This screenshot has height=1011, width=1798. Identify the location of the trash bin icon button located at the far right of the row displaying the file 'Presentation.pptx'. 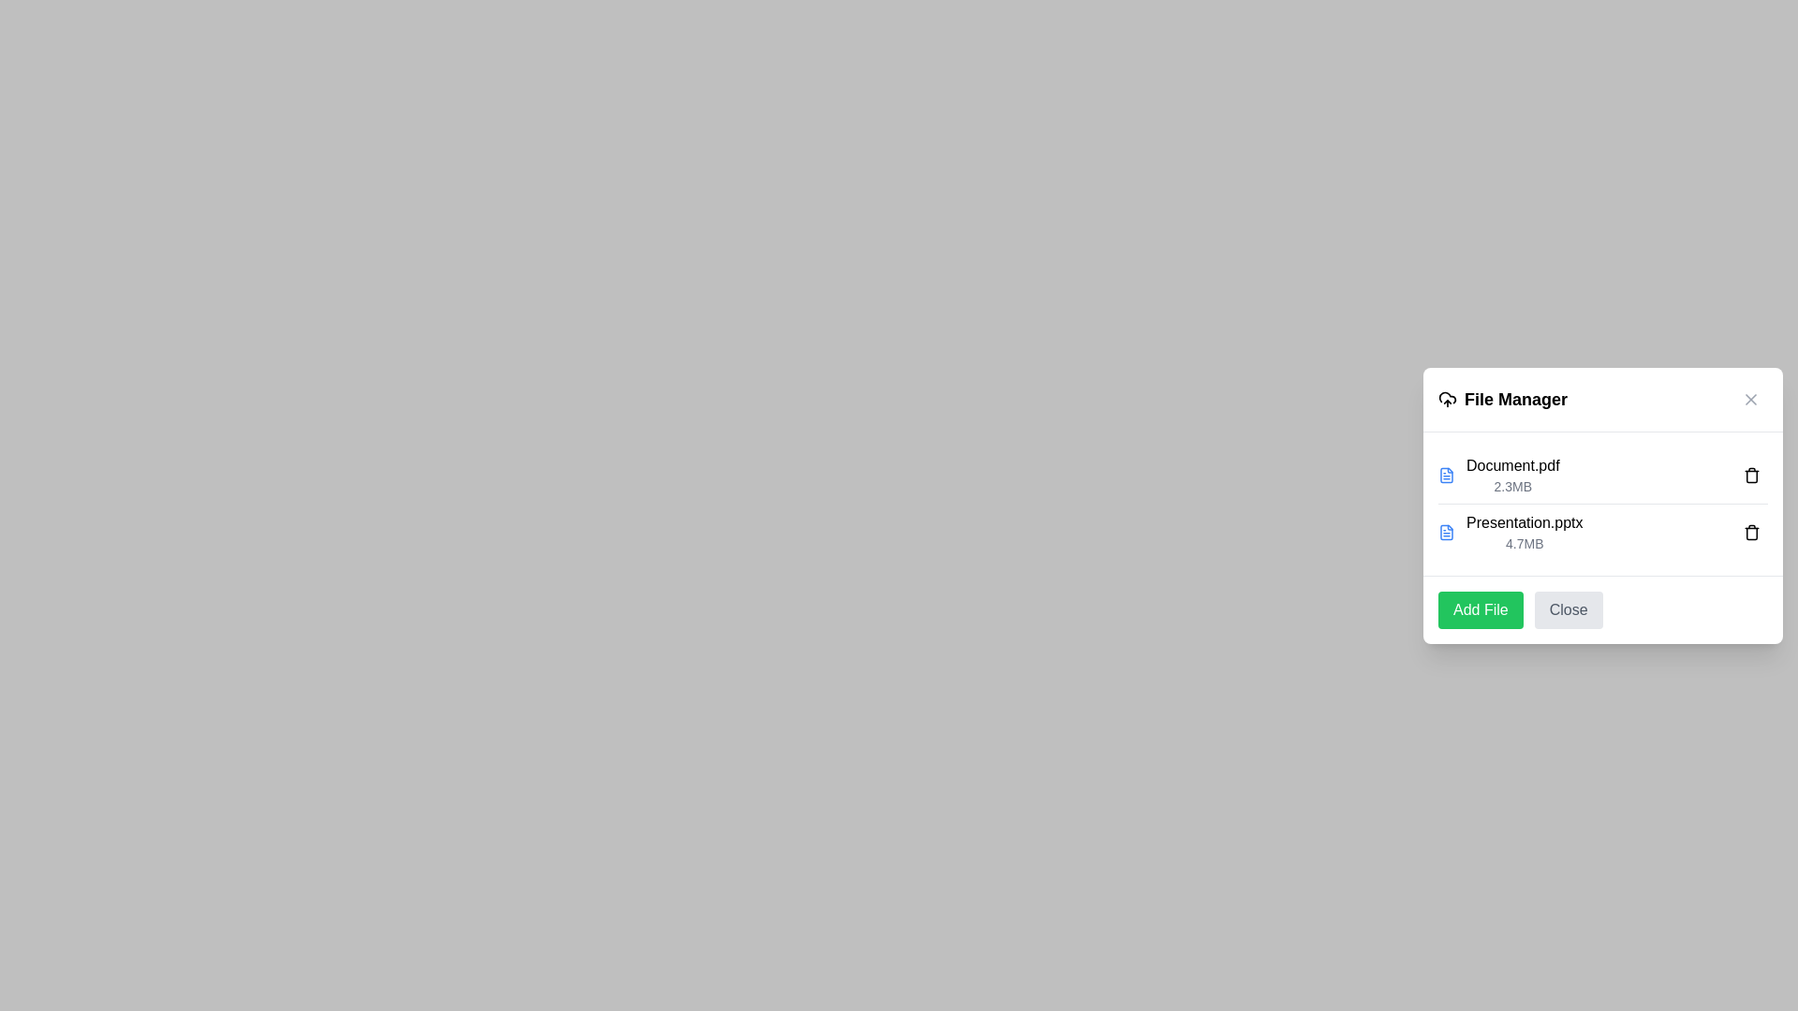
(1751, 531).